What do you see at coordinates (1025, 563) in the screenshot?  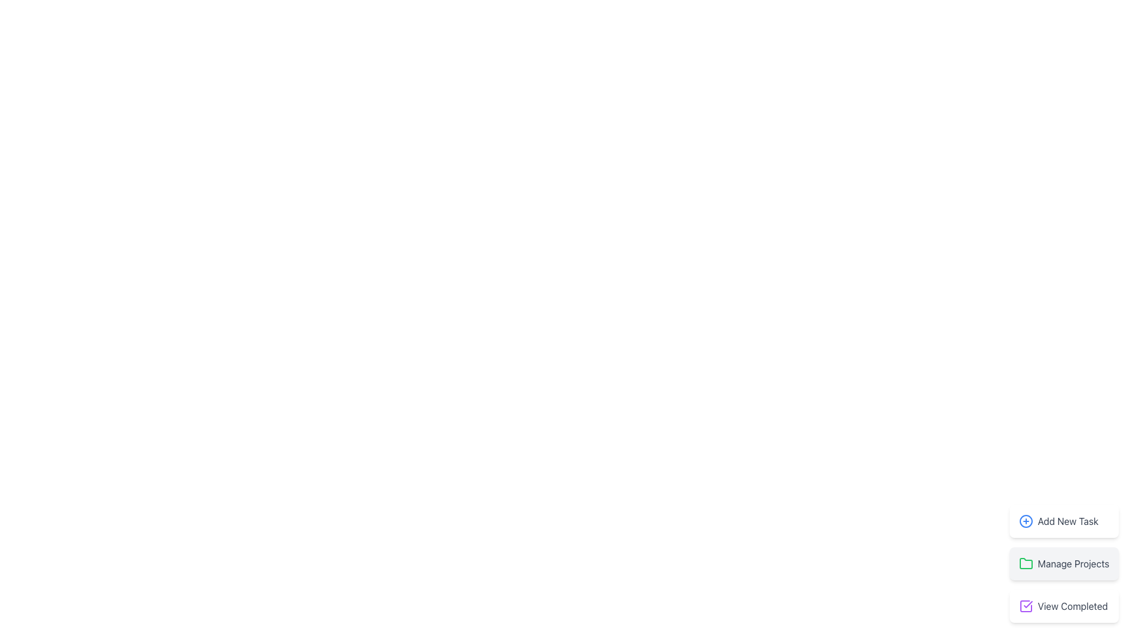 I see `the green folder icon located to the left of the 'Manage Projects' text in the vertical menu` at bounding box center [1025, 563].